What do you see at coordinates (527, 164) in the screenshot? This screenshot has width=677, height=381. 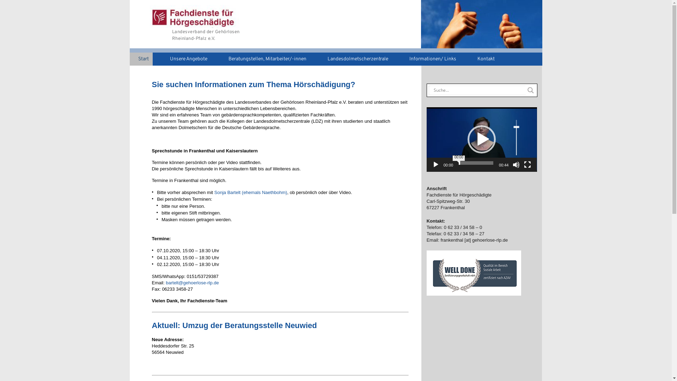 I see `'Fullscreen'` at bounding box center [527, 164].